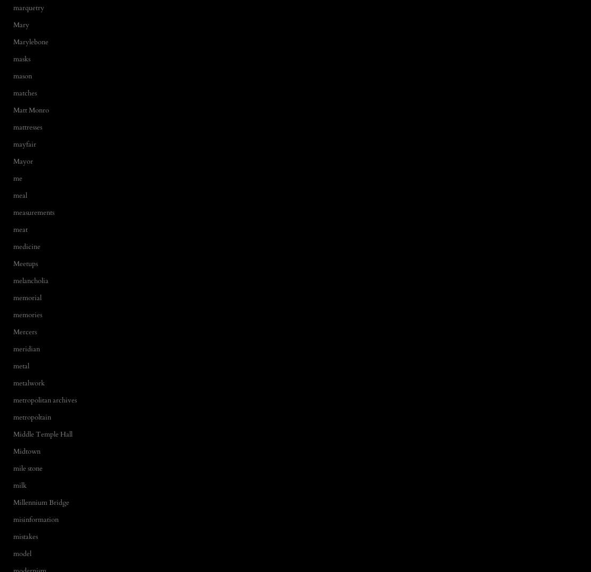 The height and width of the screenshot is (572, 591). Describe the element at coordinates (42, 433) in the screenshot. I see `'Middle Temple Hall'` at that location.